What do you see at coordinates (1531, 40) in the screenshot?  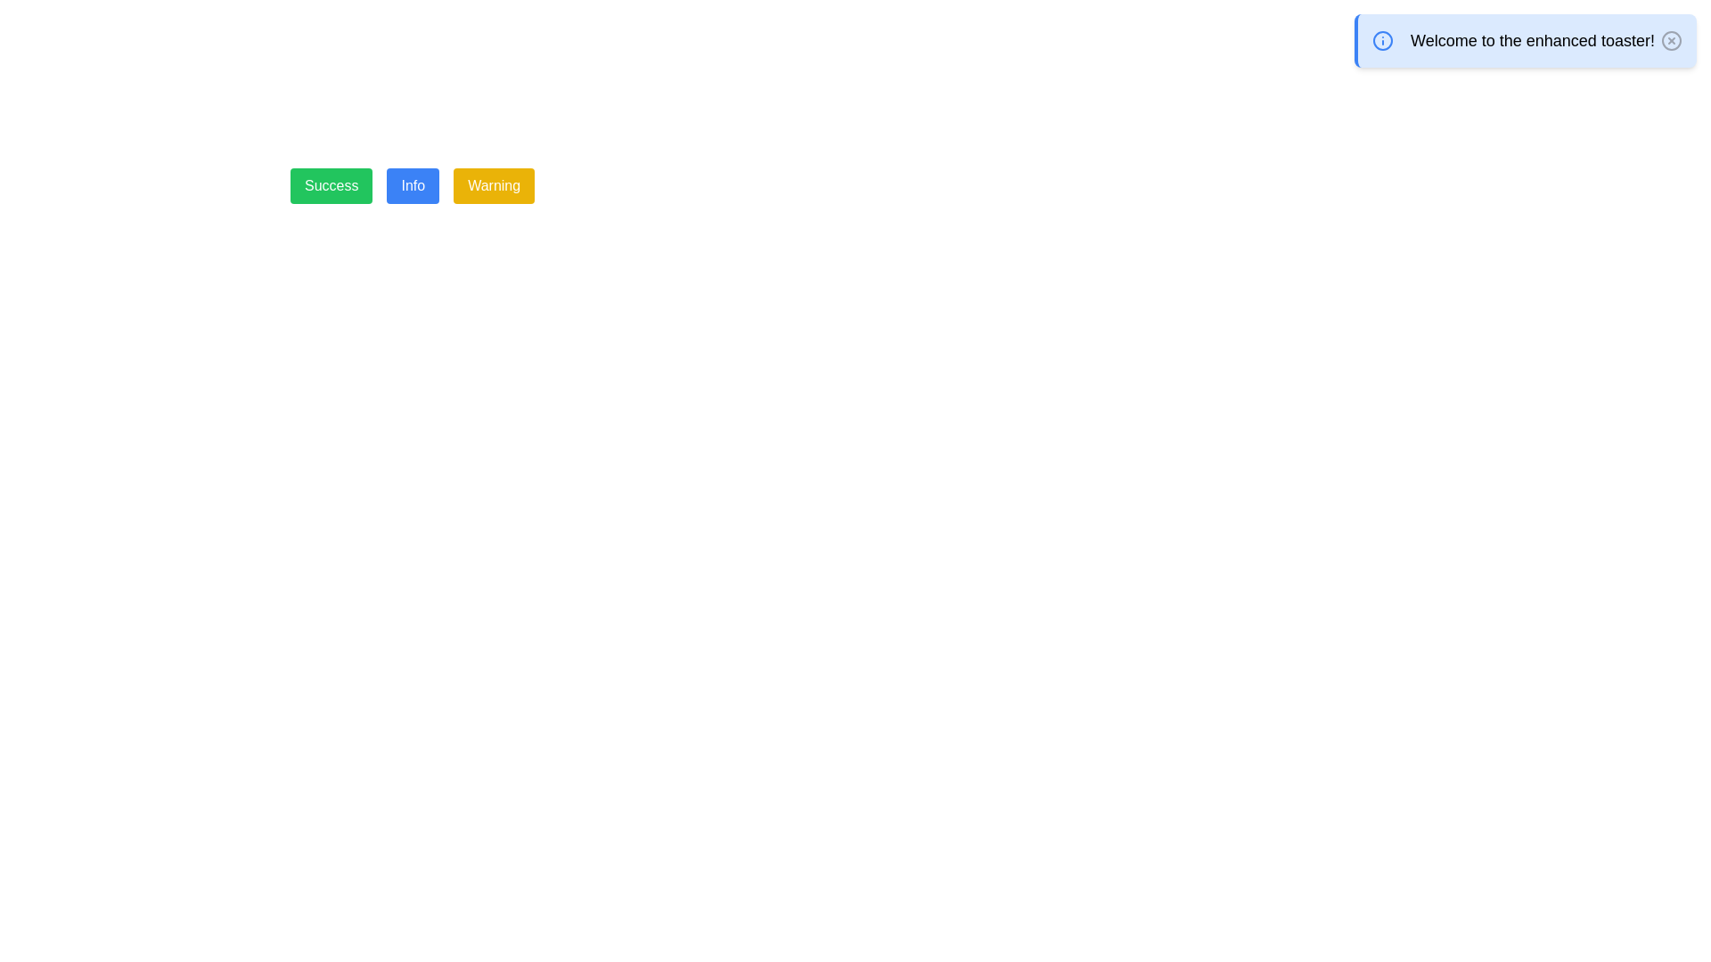 I see `the main message text of the blue notification card, which is centrally located within the card` at bounding box center [1531, 40].